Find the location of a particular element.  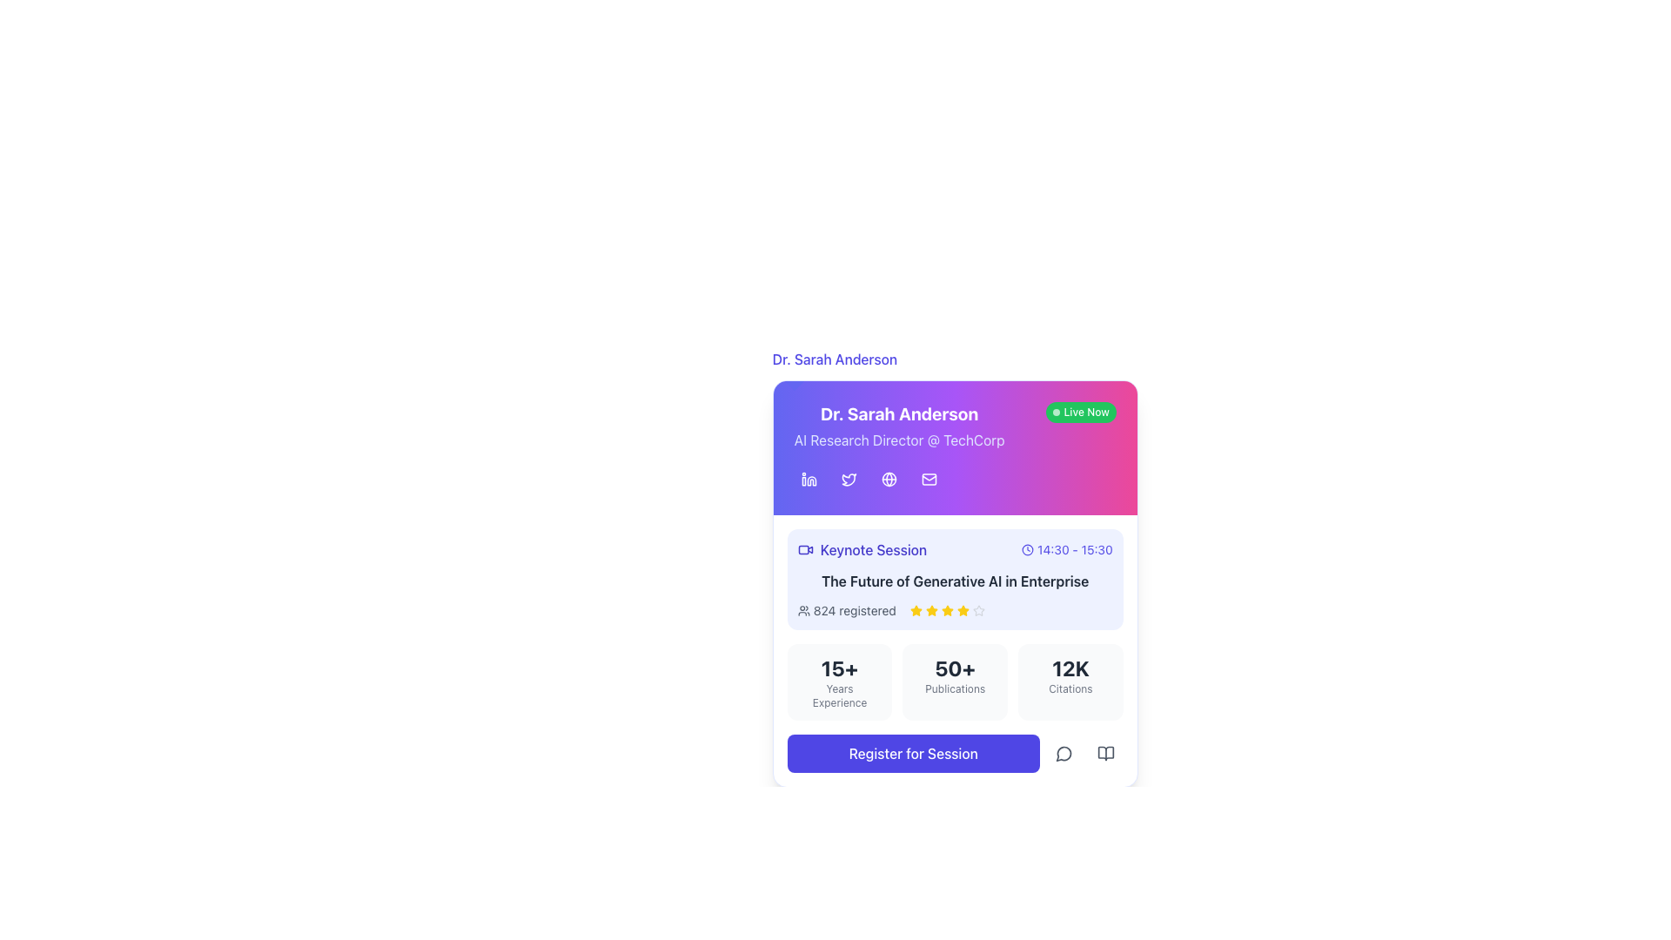

the LinkedIn profile button located at the top left corner of the social media icons row to visit Dr. Sarah Anderson's LinkedIn profile is located at coordinates (808, 480).